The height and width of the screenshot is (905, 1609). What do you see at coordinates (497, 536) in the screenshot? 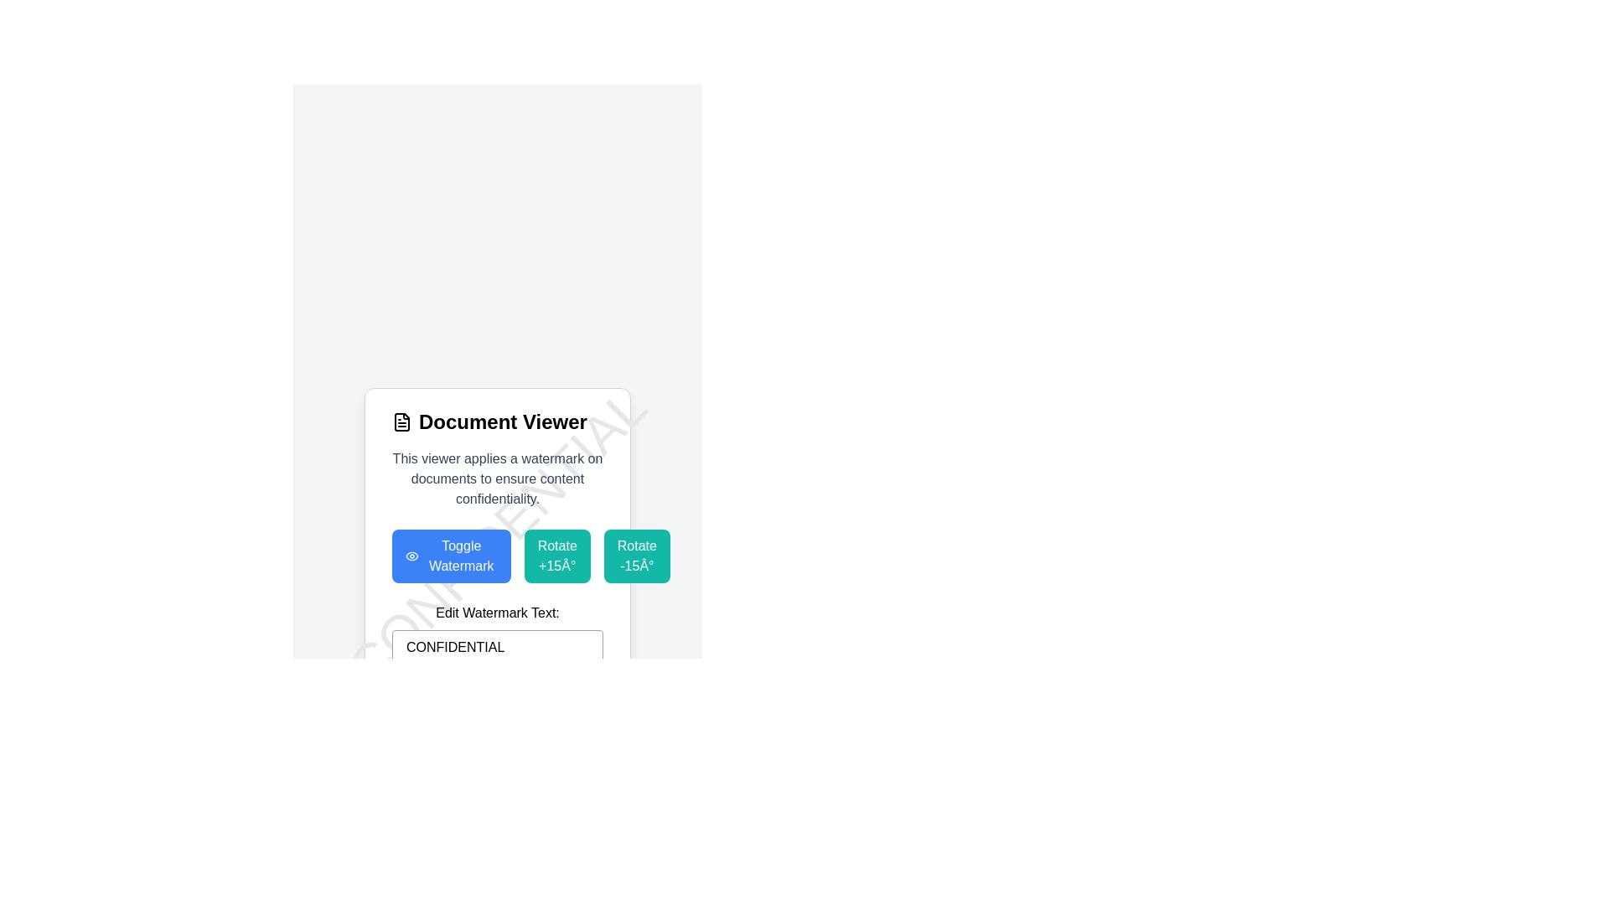
I see `the blue 'Toggle Watermark' button with an eye icon, located below the 'Document Viewer' header` at bounding box center [497, 536].